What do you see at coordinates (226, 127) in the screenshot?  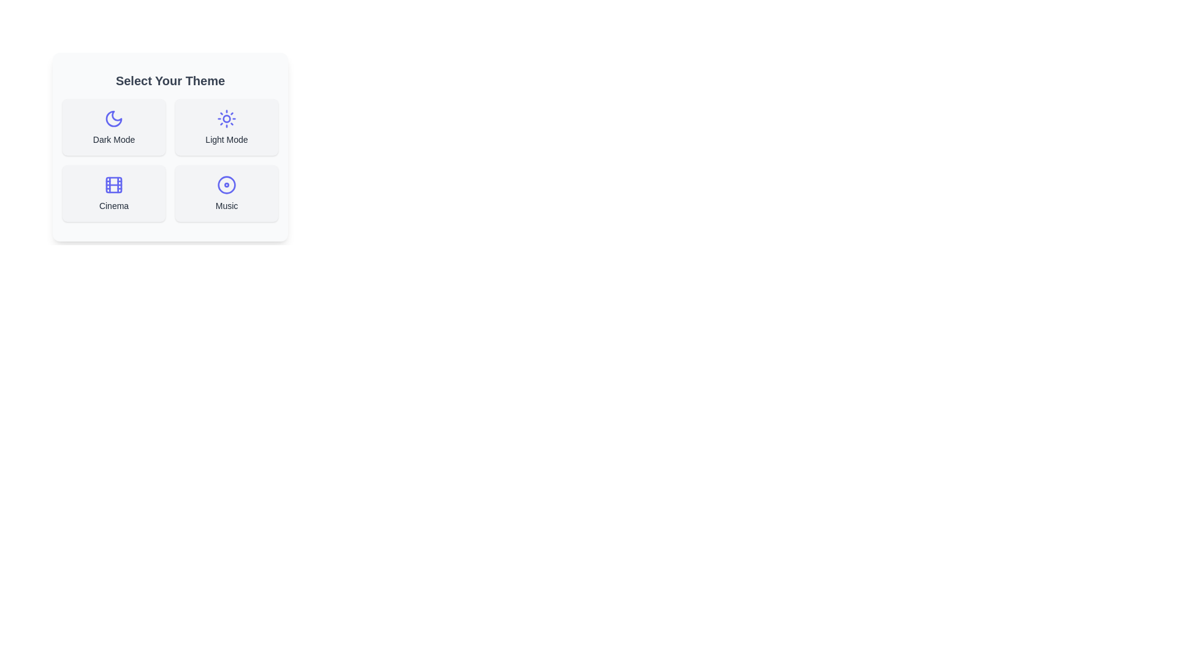 I see `the 'Light Mode' button, which is a rectangular box with rounded corners and an indigo sun icon above the text label` at bounding box center [226, 127].